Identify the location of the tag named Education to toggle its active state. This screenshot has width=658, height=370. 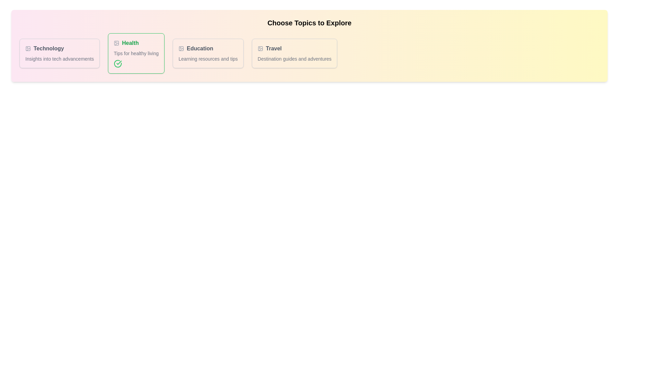
(207, 53).